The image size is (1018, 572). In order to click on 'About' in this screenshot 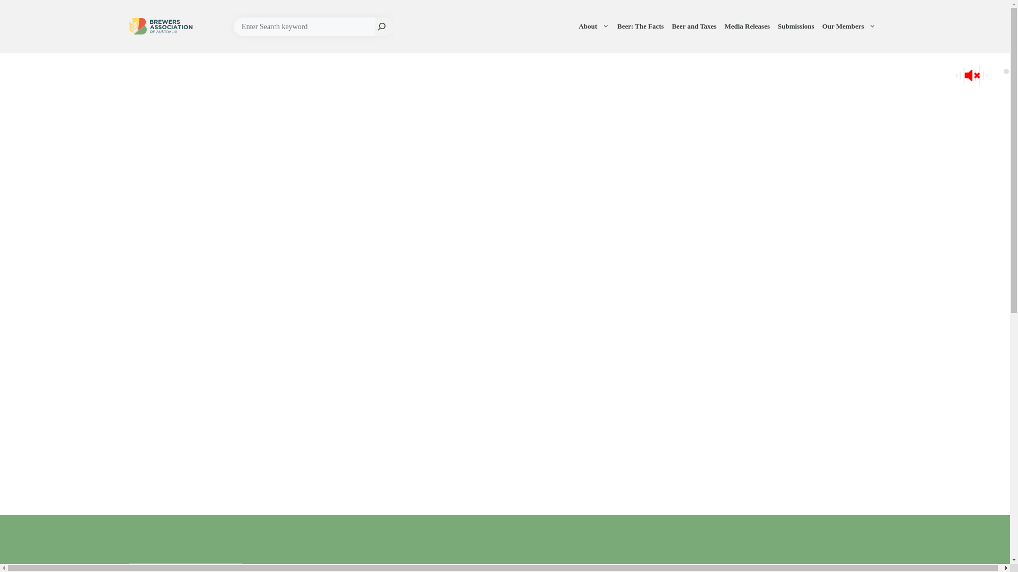, I will do `click(595, 26)`.